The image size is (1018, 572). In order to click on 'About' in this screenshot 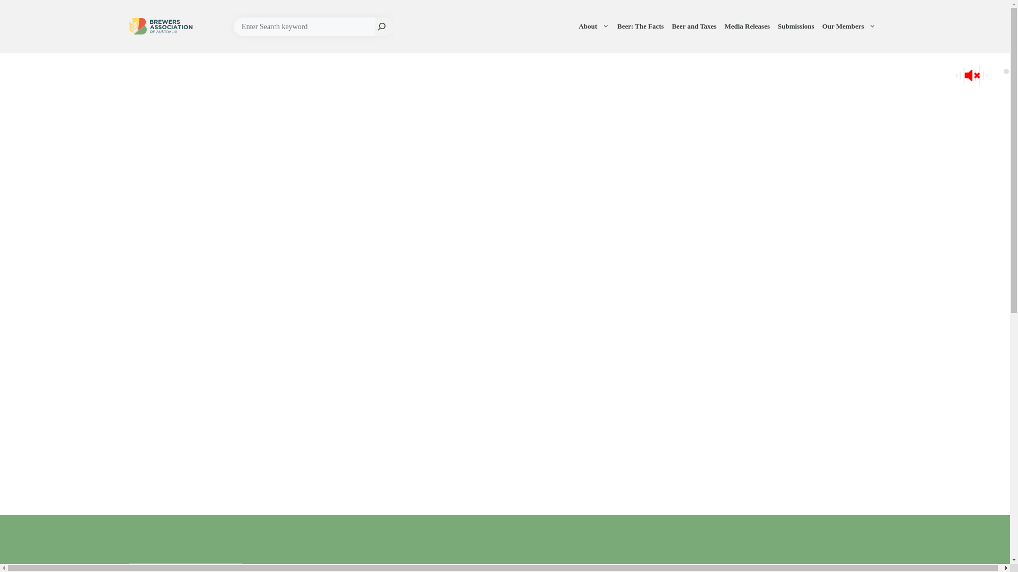, I will do `click(595, 26)`.